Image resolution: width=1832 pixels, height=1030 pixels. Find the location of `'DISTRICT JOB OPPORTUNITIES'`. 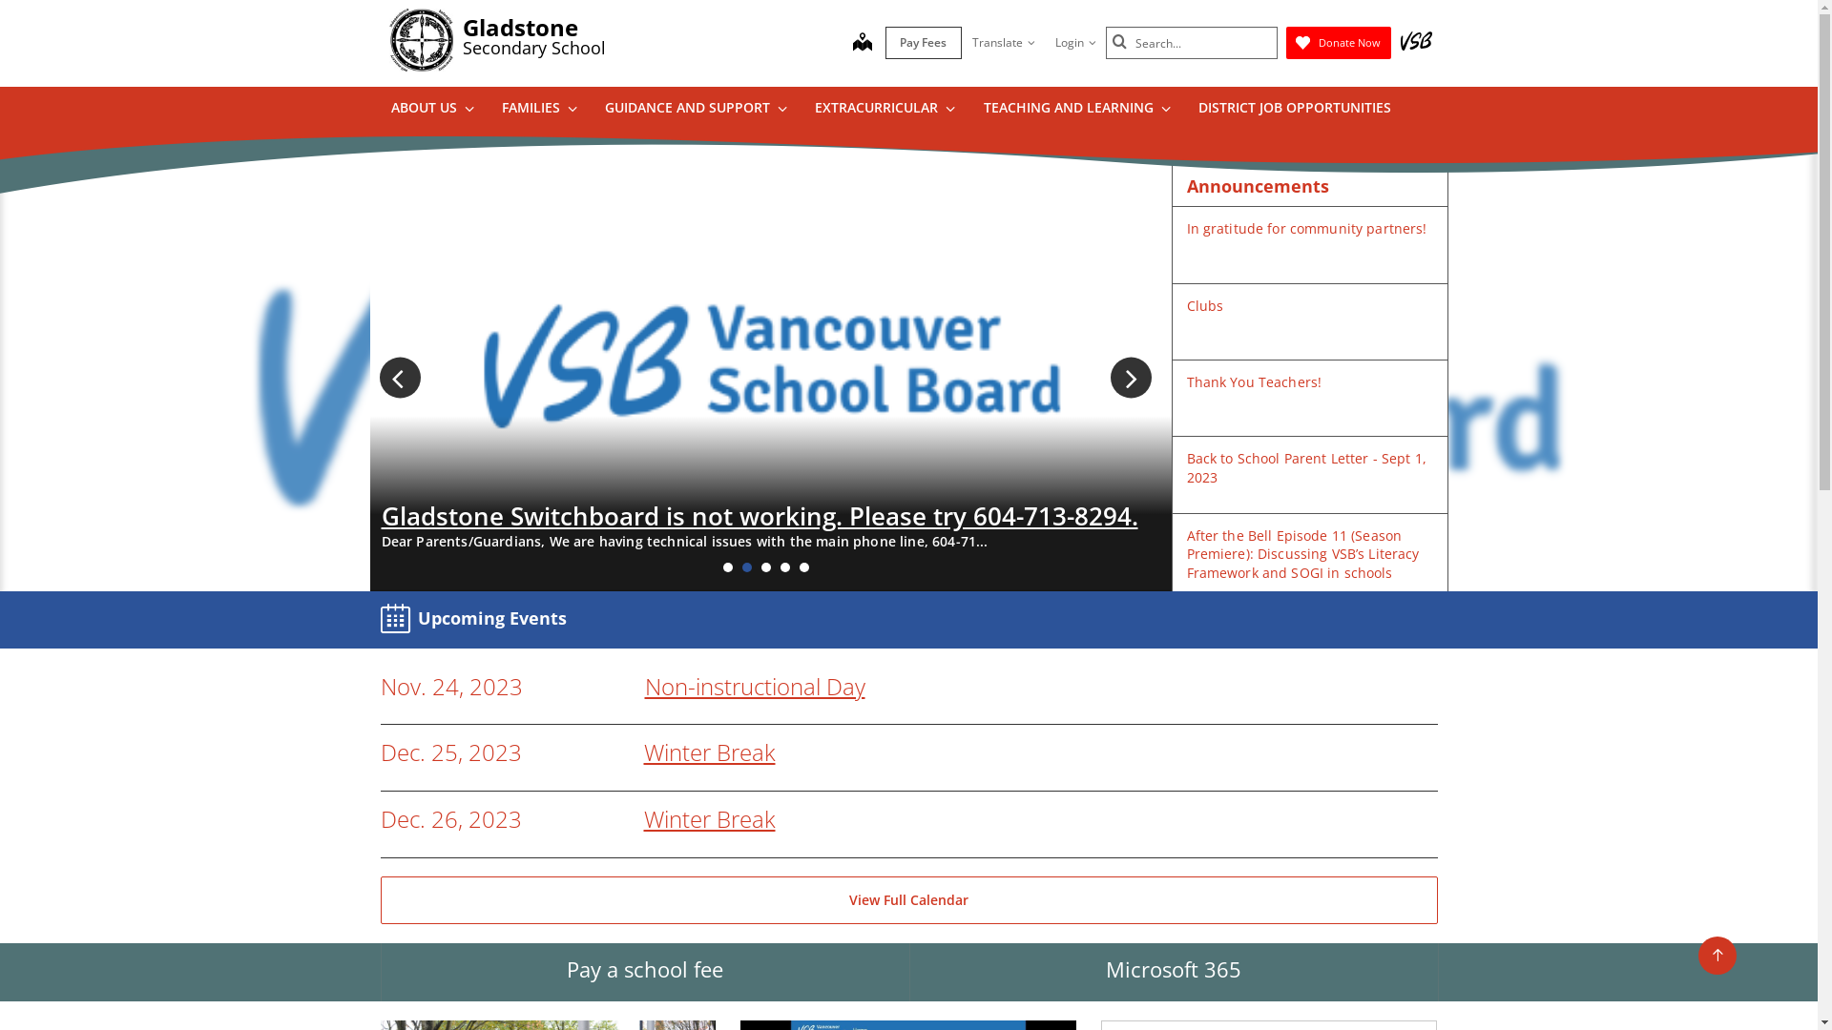

'DISTRICT JOB OPPORTUNITIES' is located at coordinates (1294, 111).